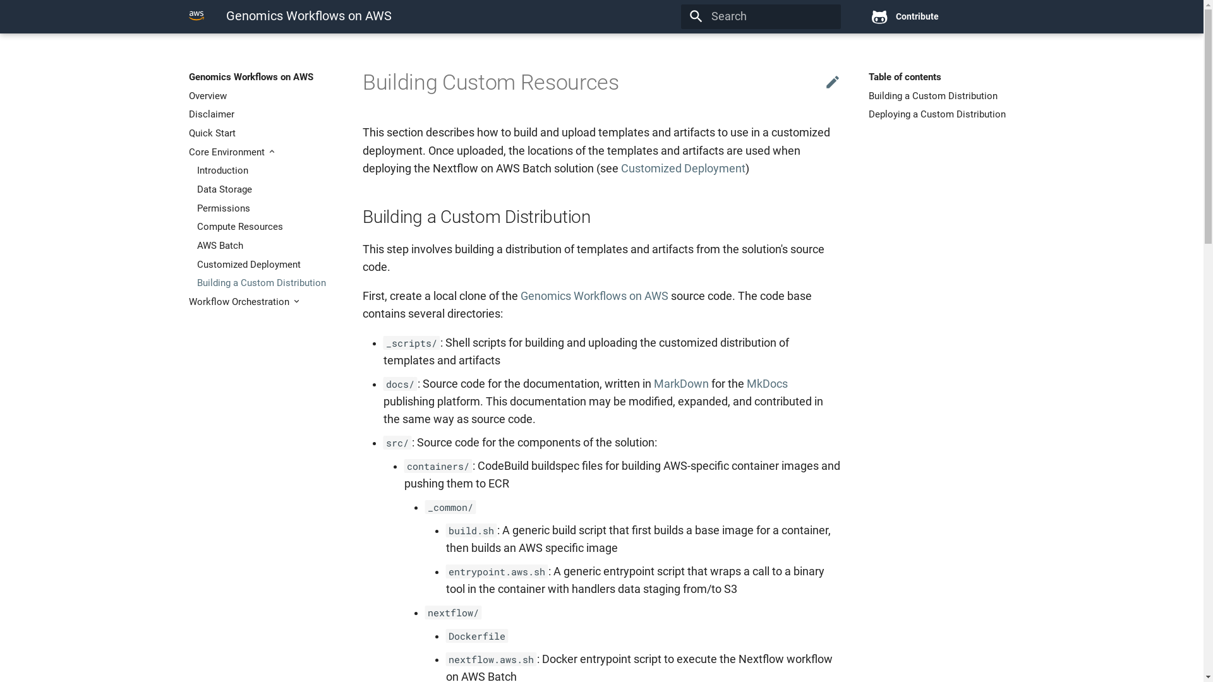 The width and height of the screenshot is (1213, 682). I want to click on 'Building a Custom Distribution', so click(265, 282).